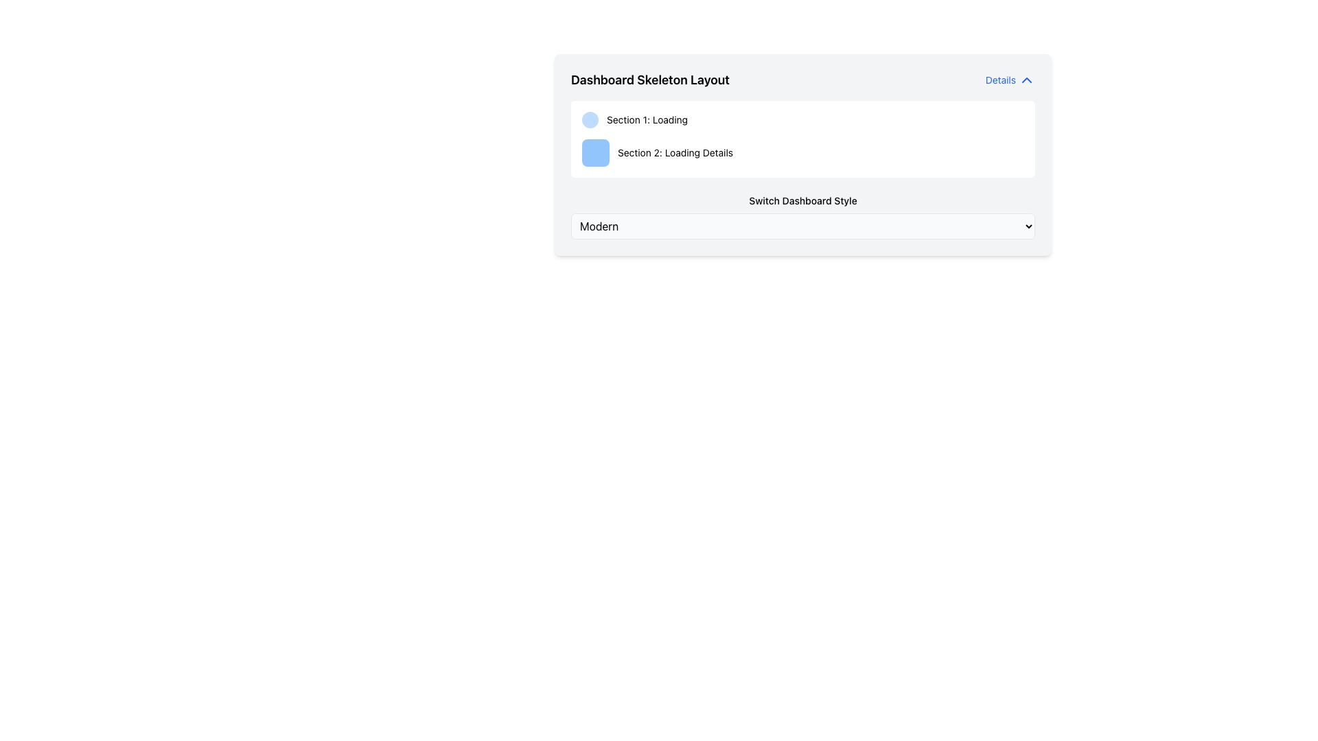 The height and width of the screenshot is (741, 1318). What do you see at coordinates (675, 153) in the screenshot?
I see `text label that reads 'Section 2: Loading Details', which is positioned to the right of a blue square icon in the second row of a list within a card` at bounding box center [675, 153].